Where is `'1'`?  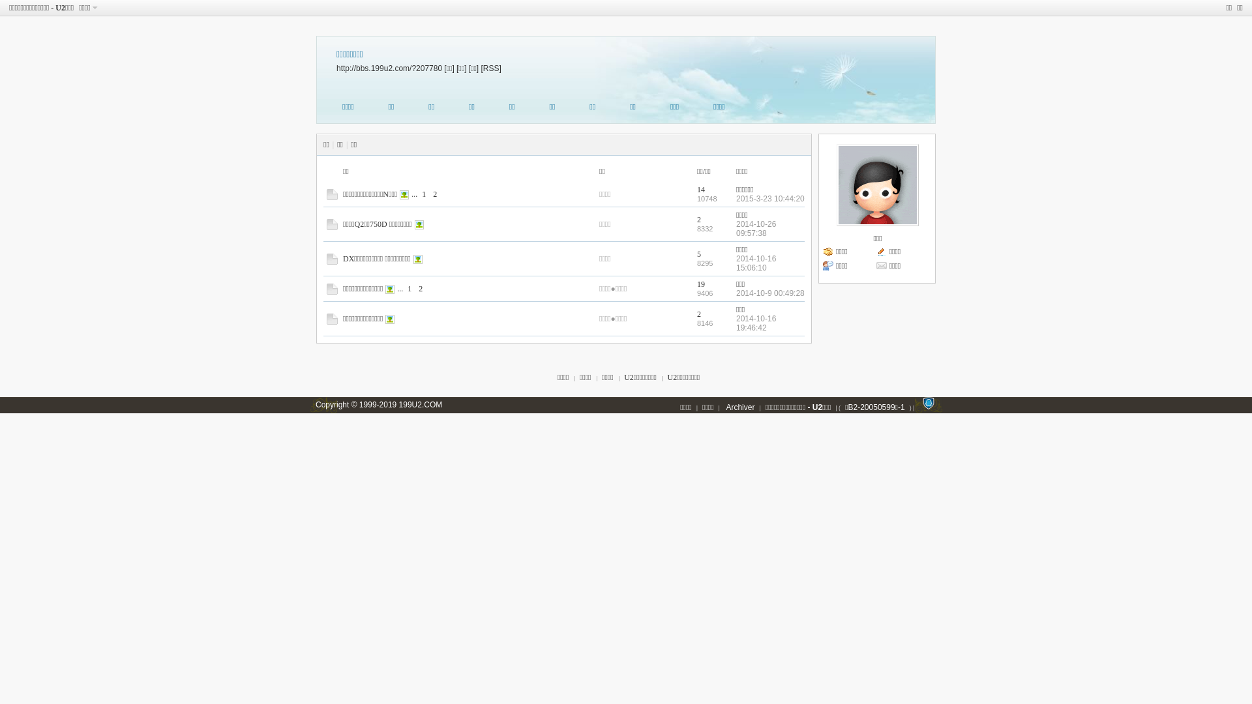 '1' is located at coordinates (409, 288).